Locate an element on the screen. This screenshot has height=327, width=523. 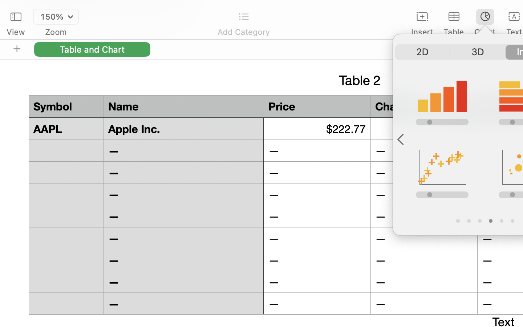
'Insert' is located at coordinates (422, 32).